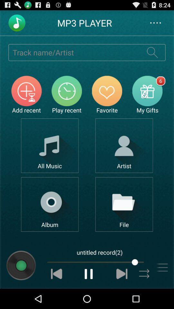  Describe the element at coordinates (162, 286) in the screenshot. I see `the list icon` at that location.